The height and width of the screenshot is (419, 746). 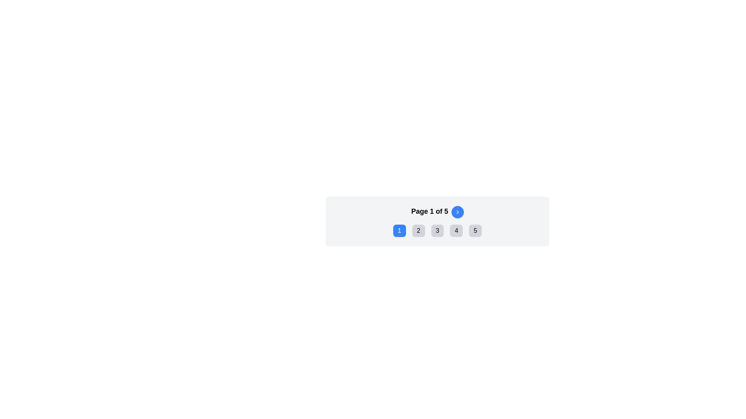 I want to click on the Pagination Button that navigates to page 3, so click(x=437, y=230).